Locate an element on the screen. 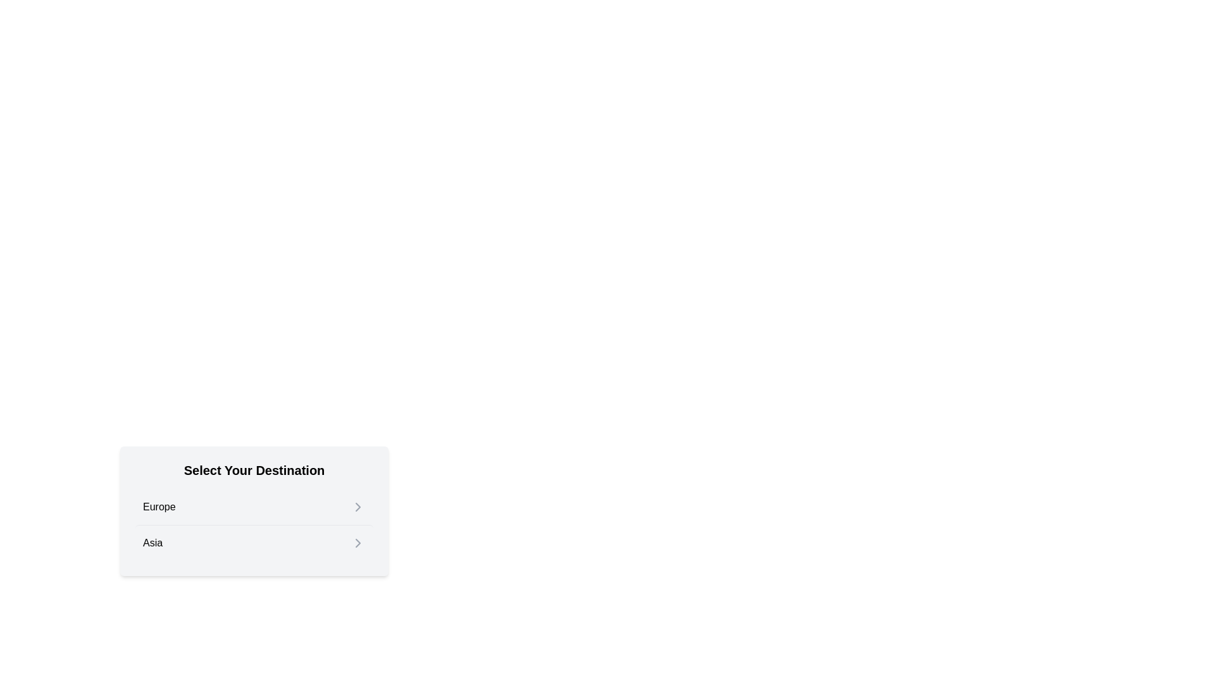 Image resolution: width=1215 pixels, height=683 pixels. the text label 'Europe' is located at coordinates (158, 507).